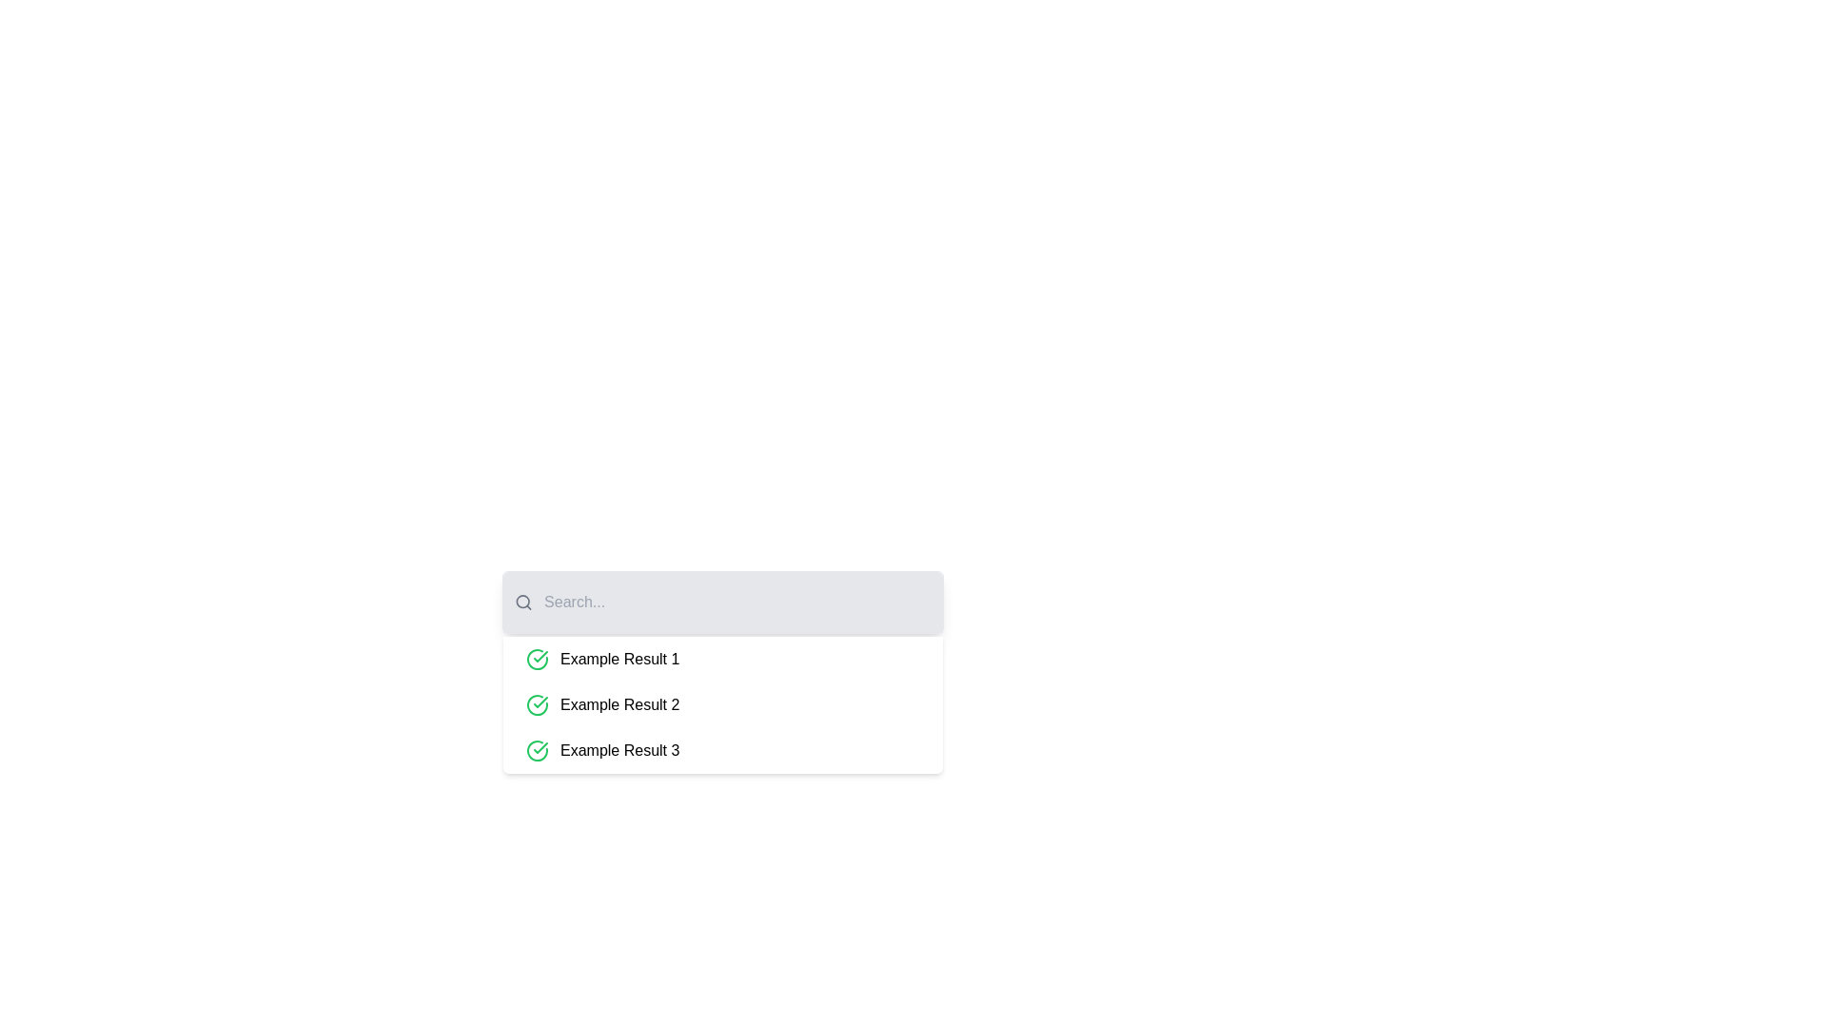 The width and height of the screenshot is (1827, 1028). I want to click on the selectable option within the dropdown or autocomplete suggestion list located below the search bar, centered horizontally, so click(721, 704).